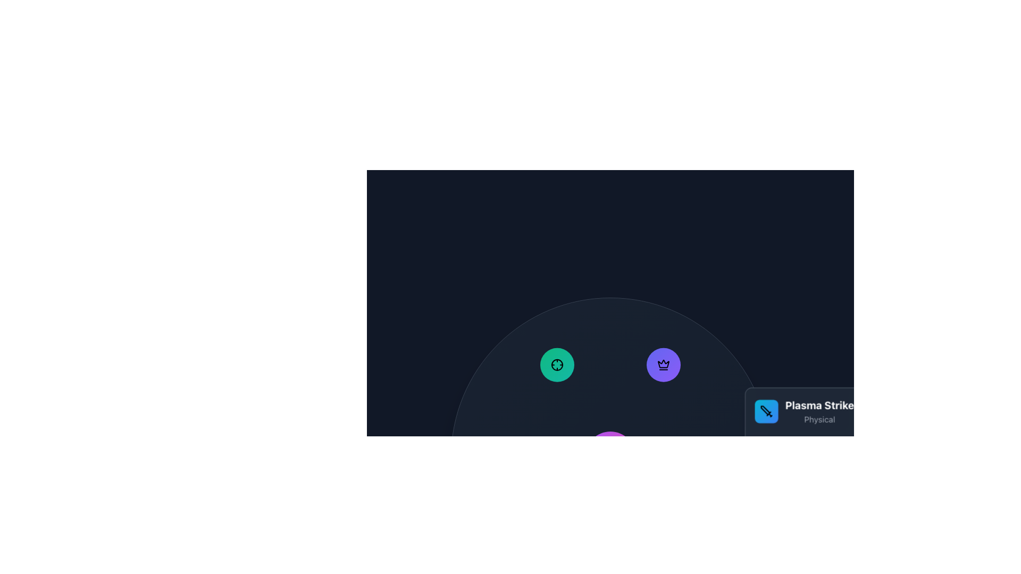  What do you see at coordinates (663, 364) in the screenshot?
I see `the interactive button with a crown icon located` at bounding box center [663, 364].